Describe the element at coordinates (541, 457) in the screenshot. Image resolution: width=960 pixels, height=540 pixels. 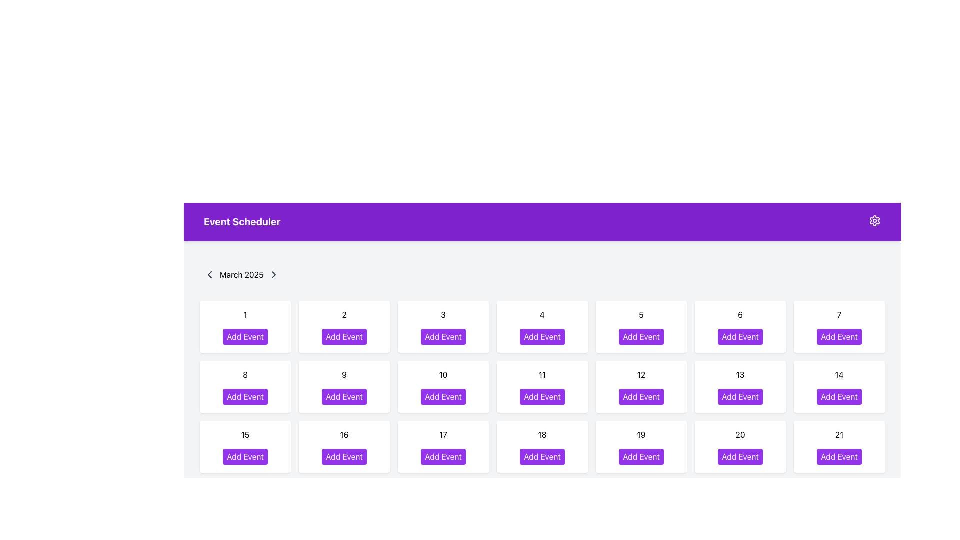
I see `the button associated with the calendar date March 18, 2025` at that location.